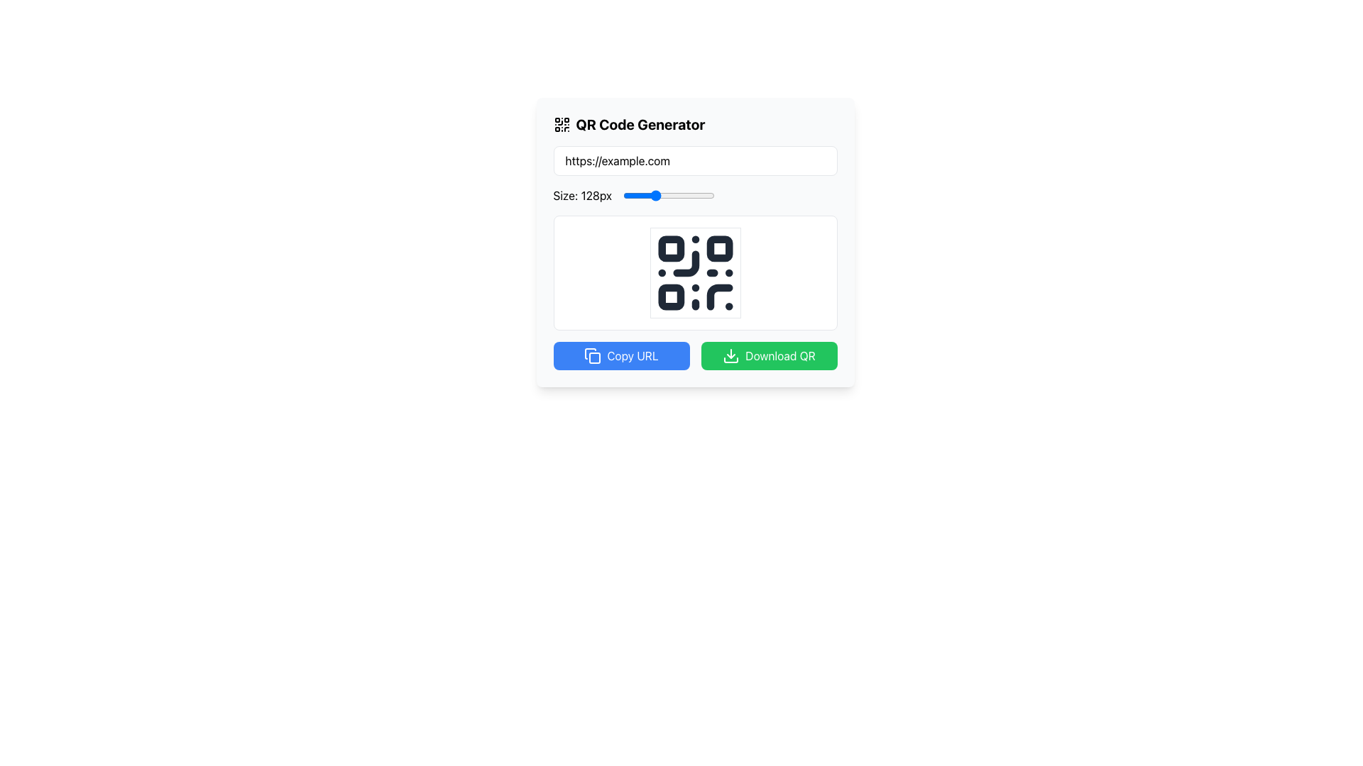 Image resolution: width=1363 pixels, height=766 pixels. What do you see at coordinates (647, 196) in the screenshot?
I see `the size` at bounding box center [647, 196].